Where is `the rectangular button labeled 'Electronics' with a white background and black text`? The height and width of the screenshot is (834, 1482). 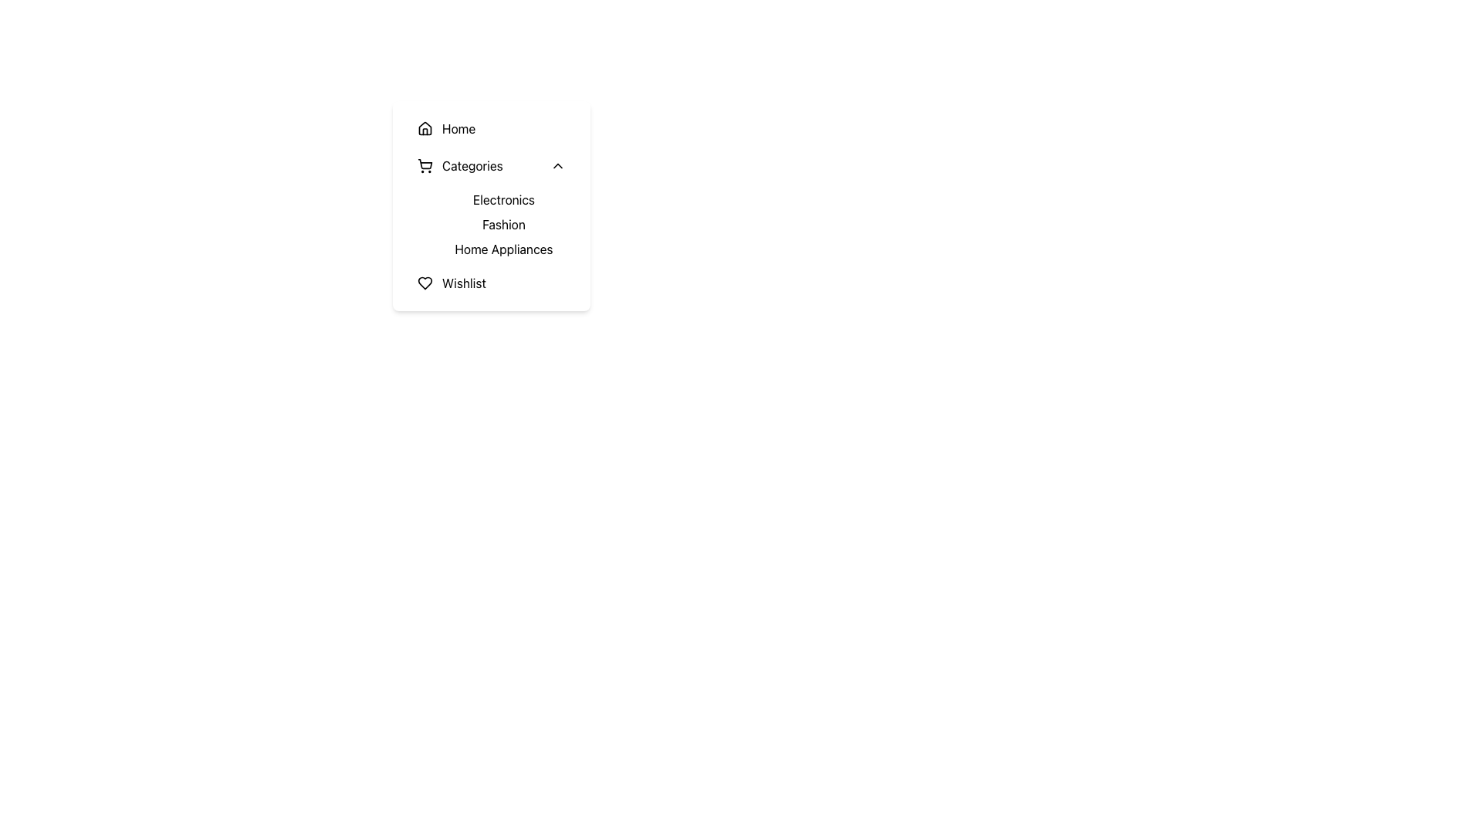 the rectangular button labeled 'Electronics' with a white background and black text is located at coordinates (503, 198).